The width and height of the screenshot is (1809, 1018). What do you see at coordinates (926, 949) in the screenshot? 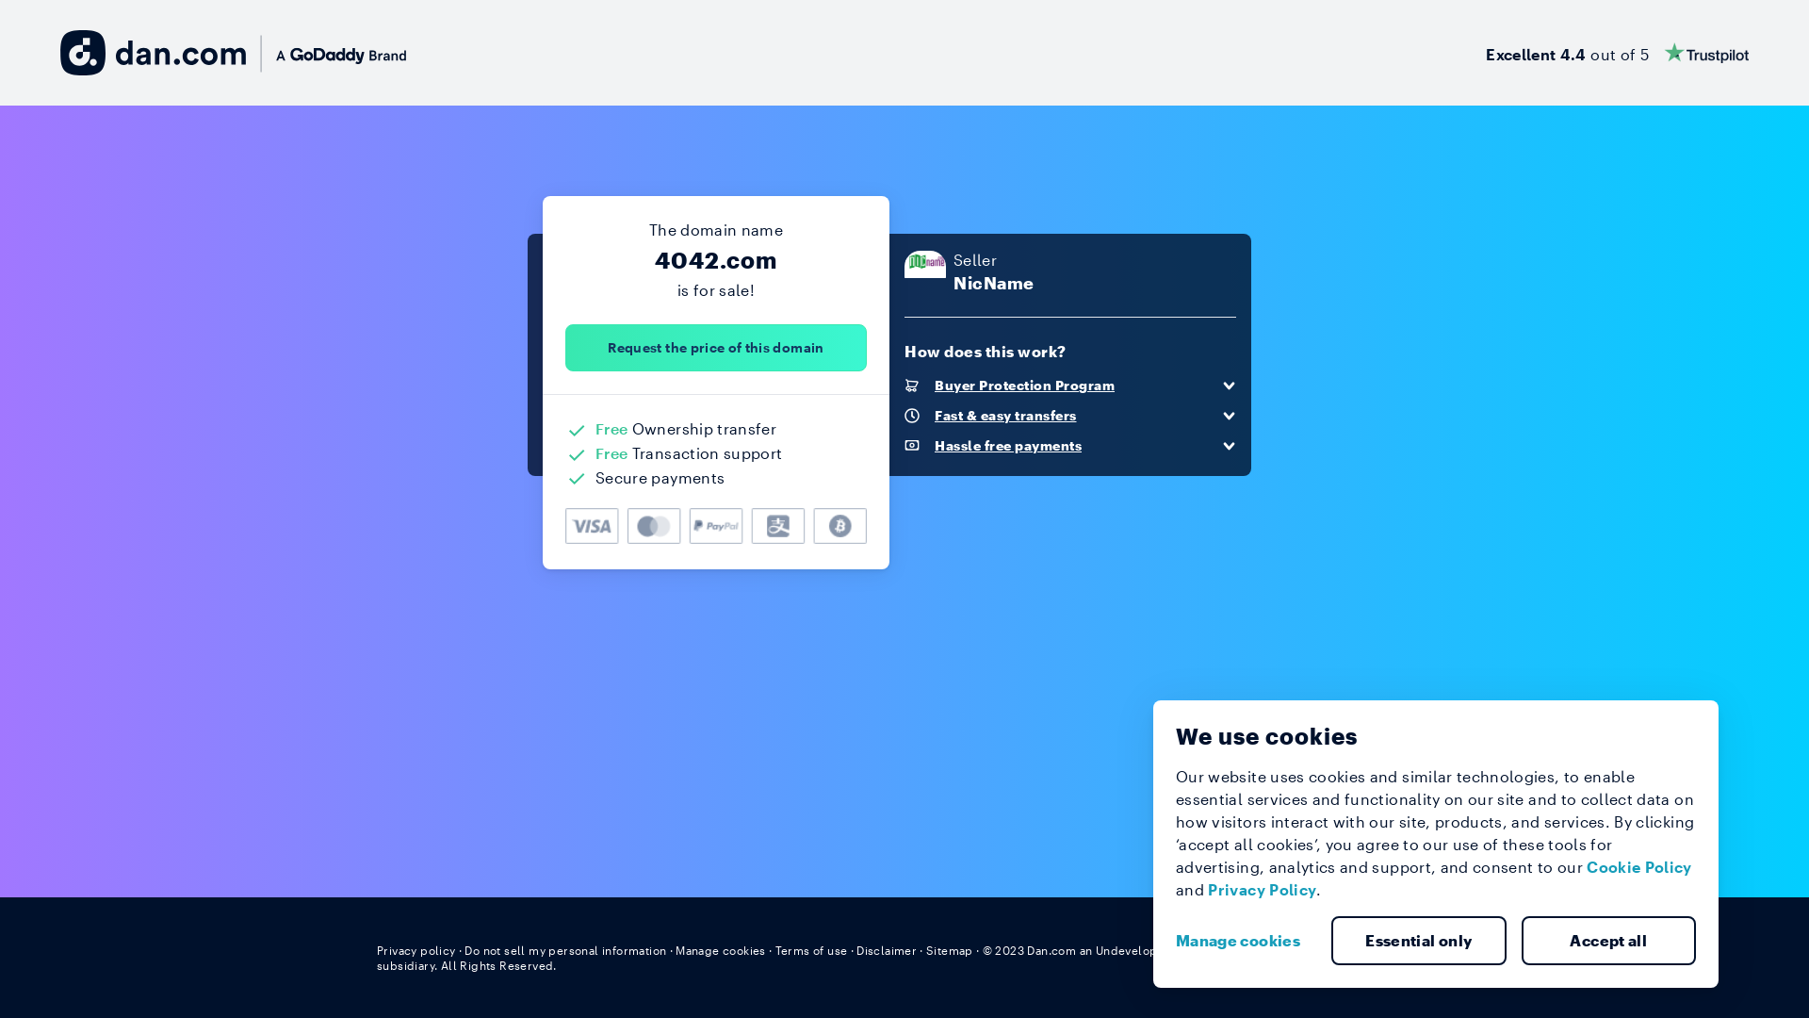
I see `'Sitemap'` at bounding box center [926, 949].